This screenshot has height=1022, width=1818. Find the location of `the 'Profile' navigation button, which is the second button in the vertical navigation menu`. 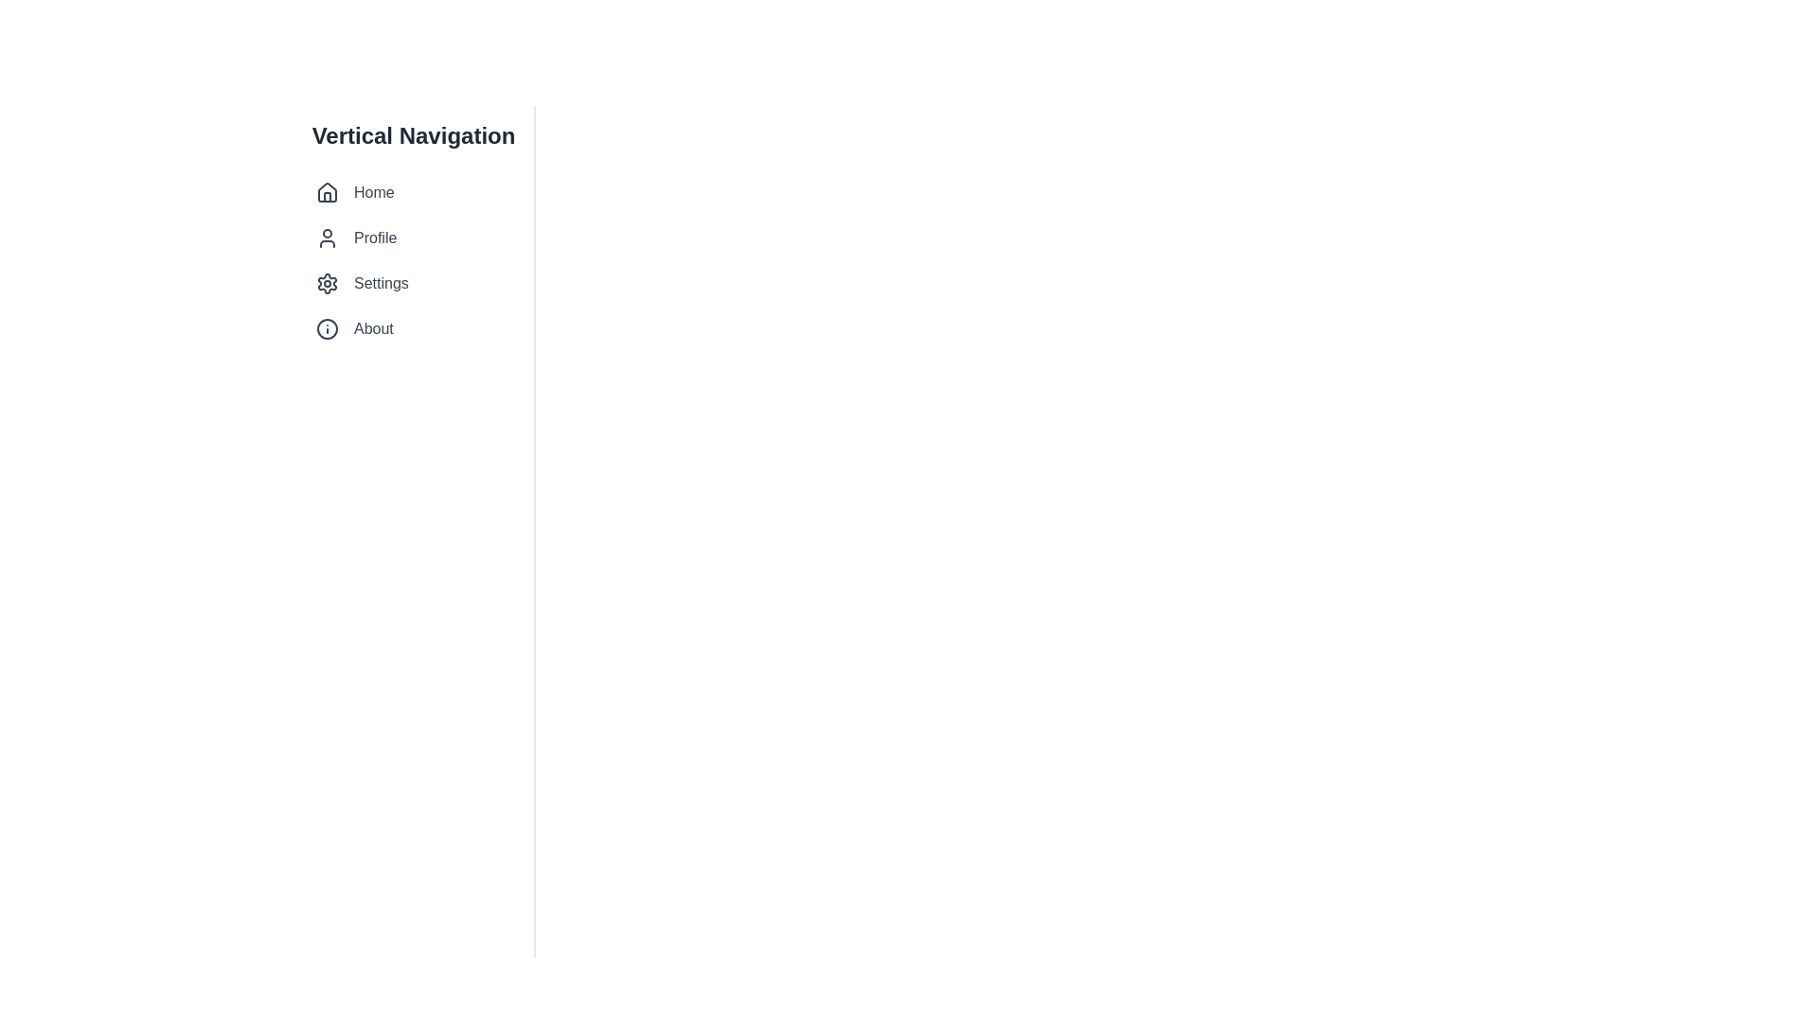

the 'Profile' navigation button, which is the second button in the vertical navigation menu is located at coordinates (412, 237).